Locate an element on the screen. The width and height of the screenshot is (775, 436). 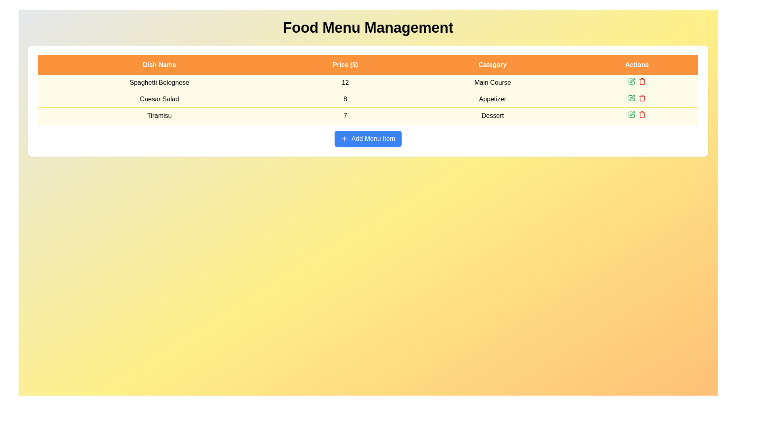
text content of the 'Spaghetti Bolognese' text label, which is displayed in a serif typeface against a light yellow background and is the first item under the 'Dish Name' header in the menu table is located at coordinates (159, 83).